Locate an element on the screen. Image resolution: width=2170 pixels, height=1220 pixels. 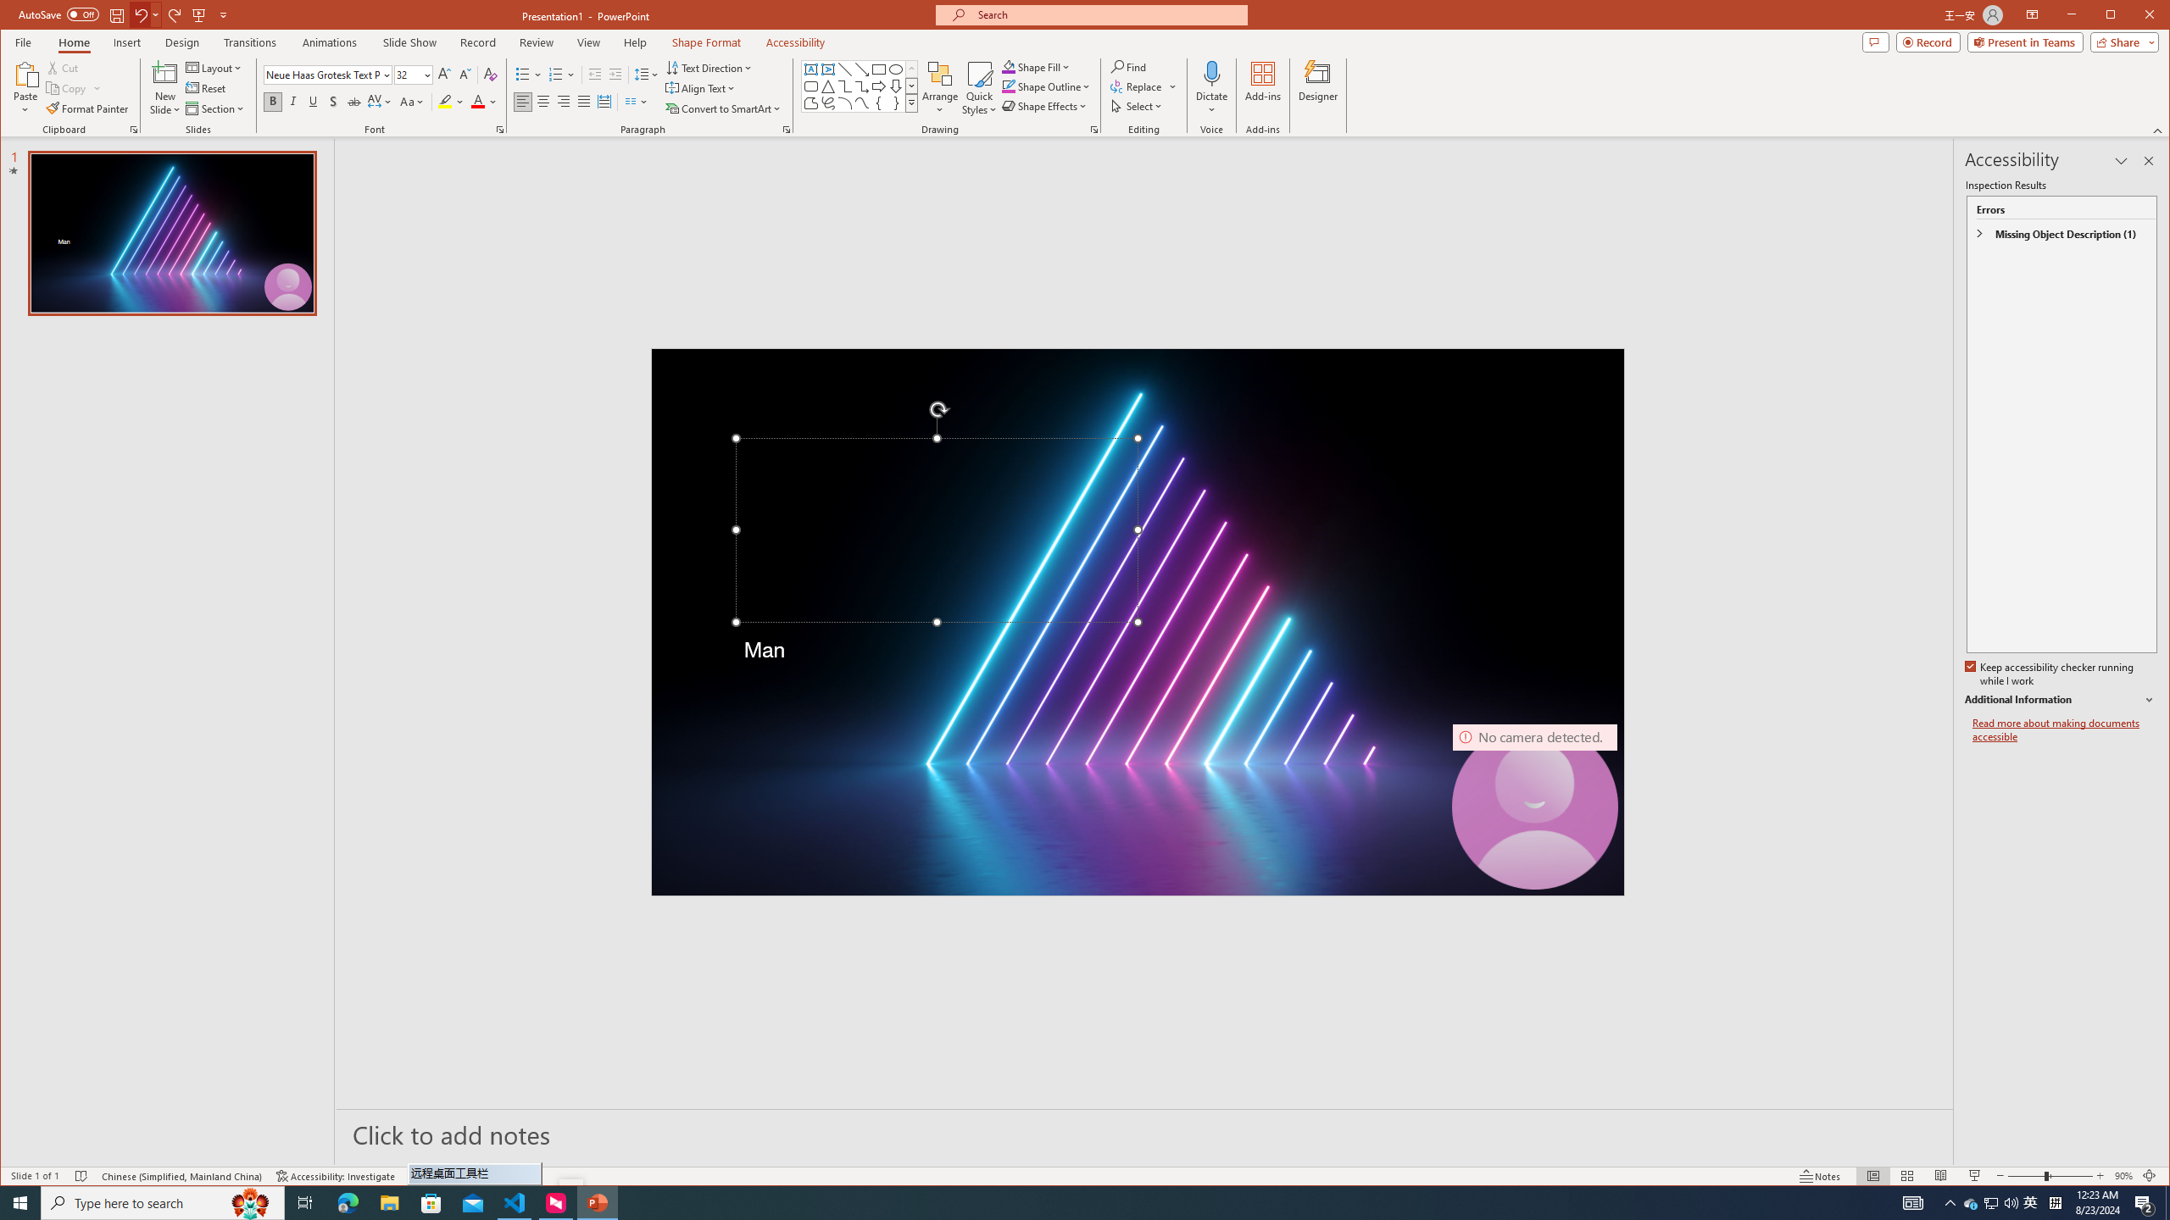
'Dictate' is located at coordinates (1210, 72).